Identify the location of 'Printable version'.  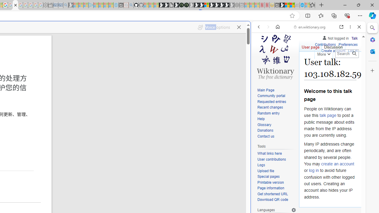
(277, 182).